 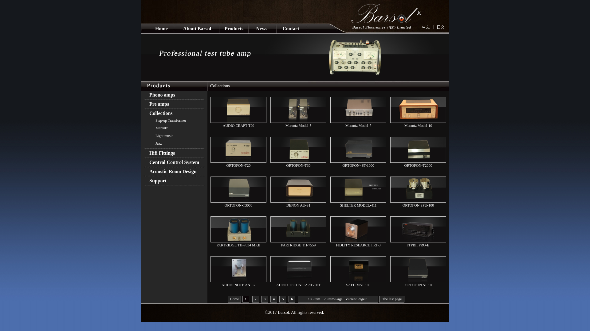 What do you see at coordinates (174, 180) in the screenshot?
I see `'Support'` at bounding box center [174, 180].